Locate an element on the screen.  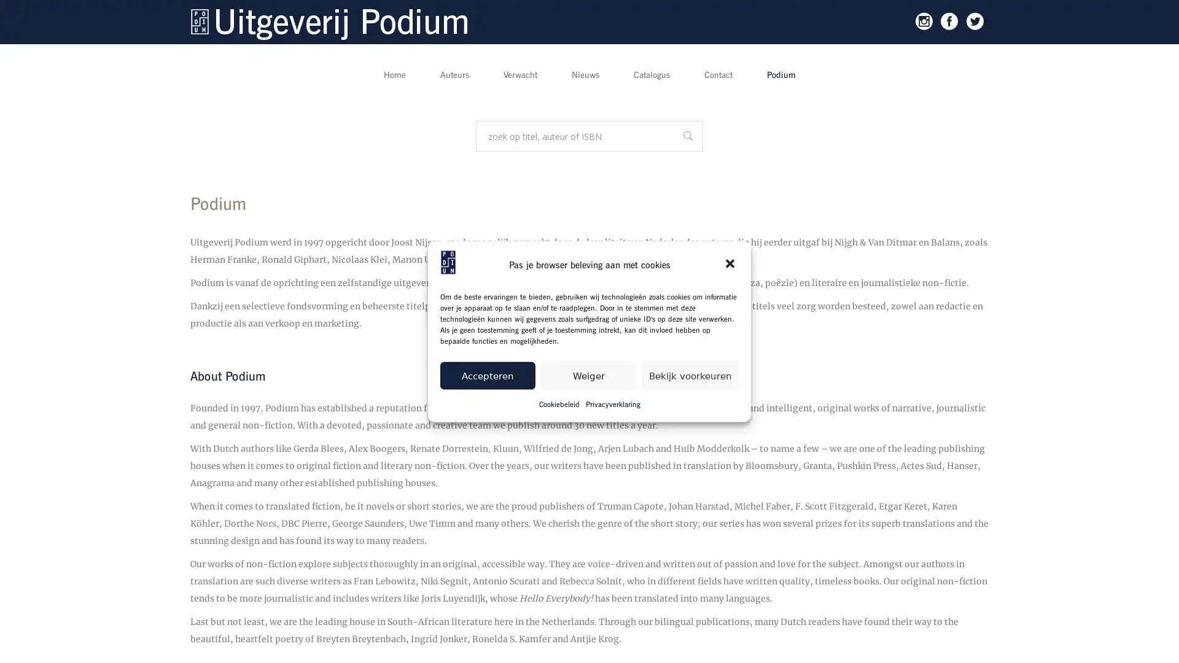
Weiger is located at coordinates (588, 374).